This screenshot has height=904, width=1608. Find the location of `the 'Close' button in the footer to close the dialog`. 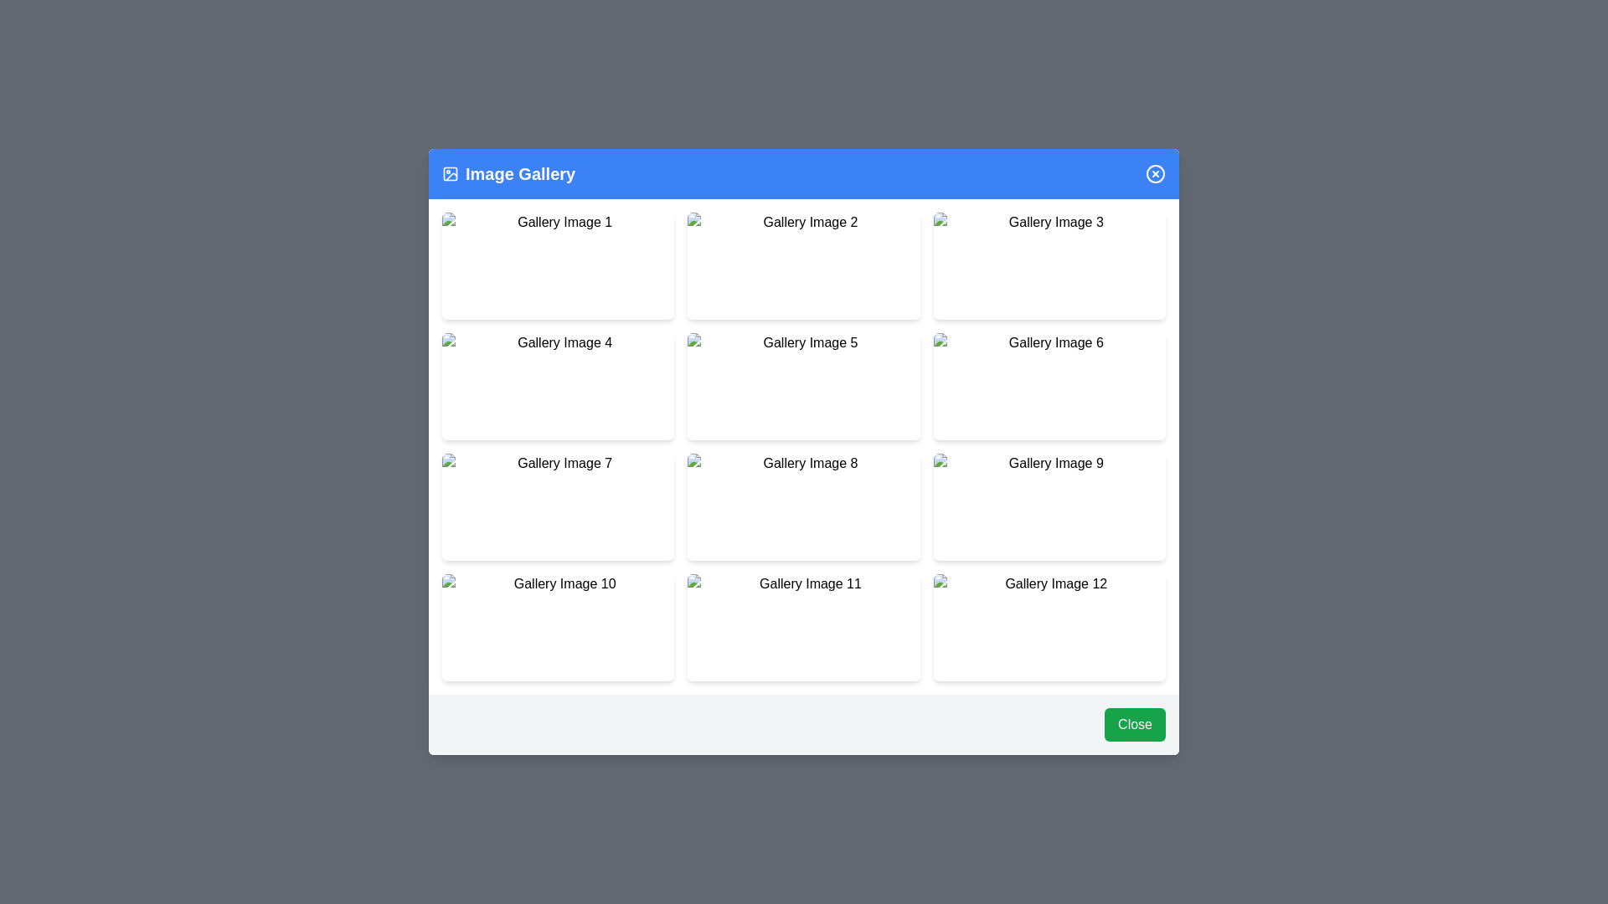

the 'Close' button in the footer to close the dialog is located at coordinates (1135, 724).